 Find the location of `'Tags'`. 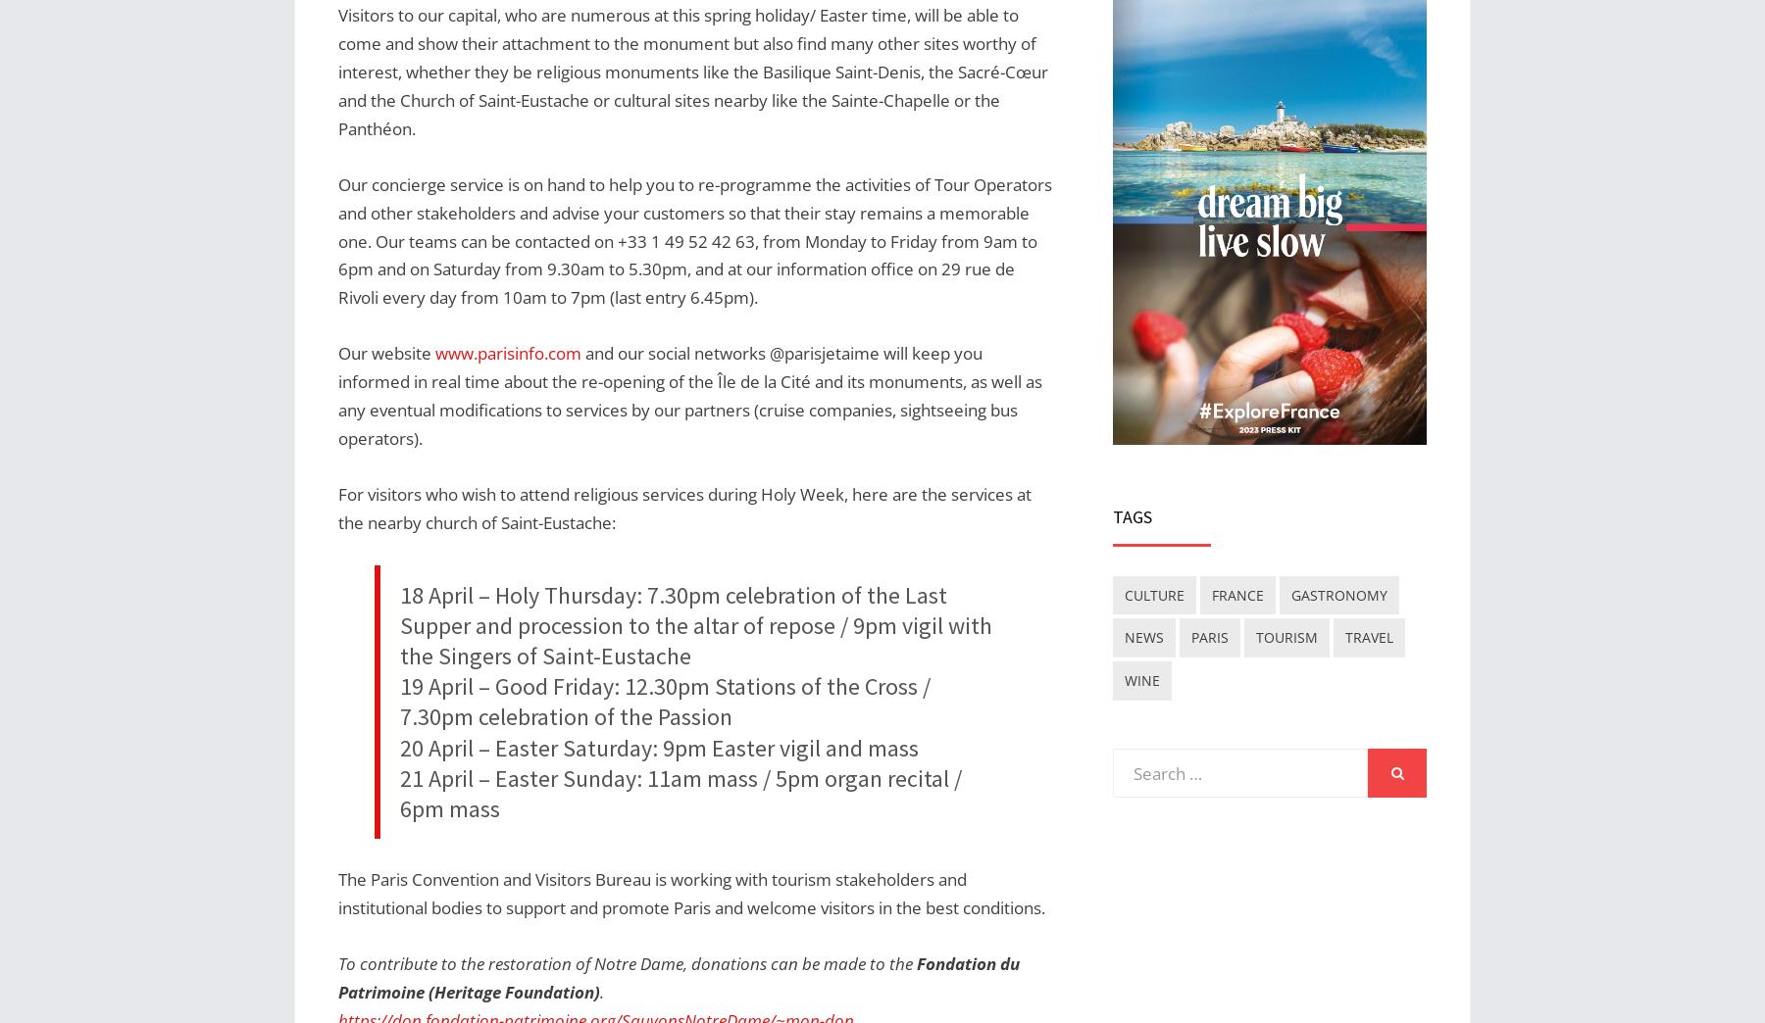

'Tags' is located at coordinates (1132, 515).